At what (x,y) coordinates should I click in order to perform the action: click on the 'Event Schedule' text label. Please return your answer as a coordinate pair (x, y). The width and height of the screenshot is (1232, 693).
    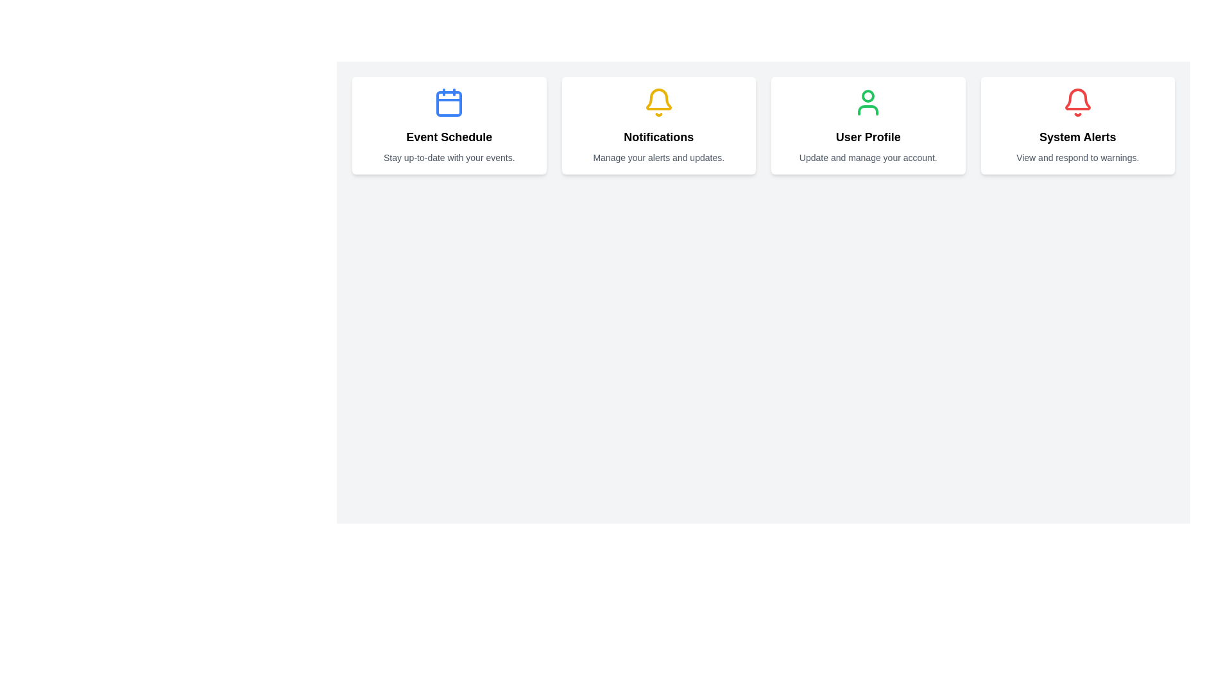
    Looking at the image, I should click on (449, 137).